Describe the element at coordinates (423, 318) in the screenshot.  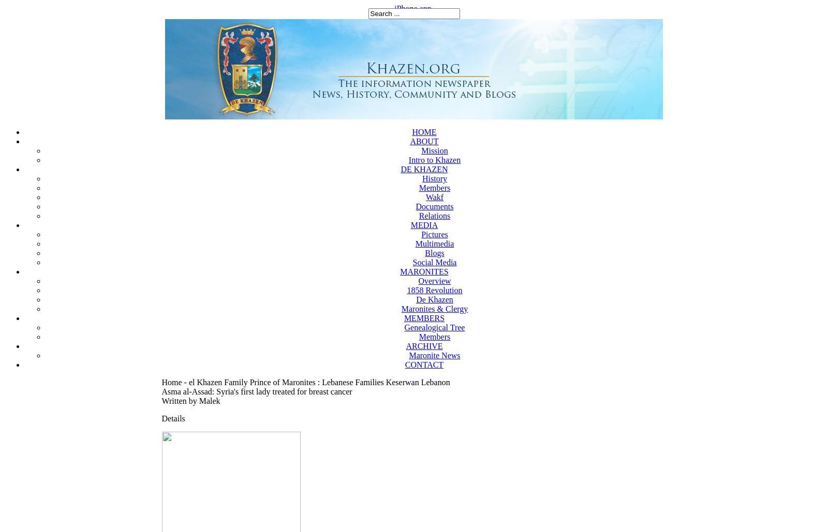
I see `'MEMBERS'` at that location.